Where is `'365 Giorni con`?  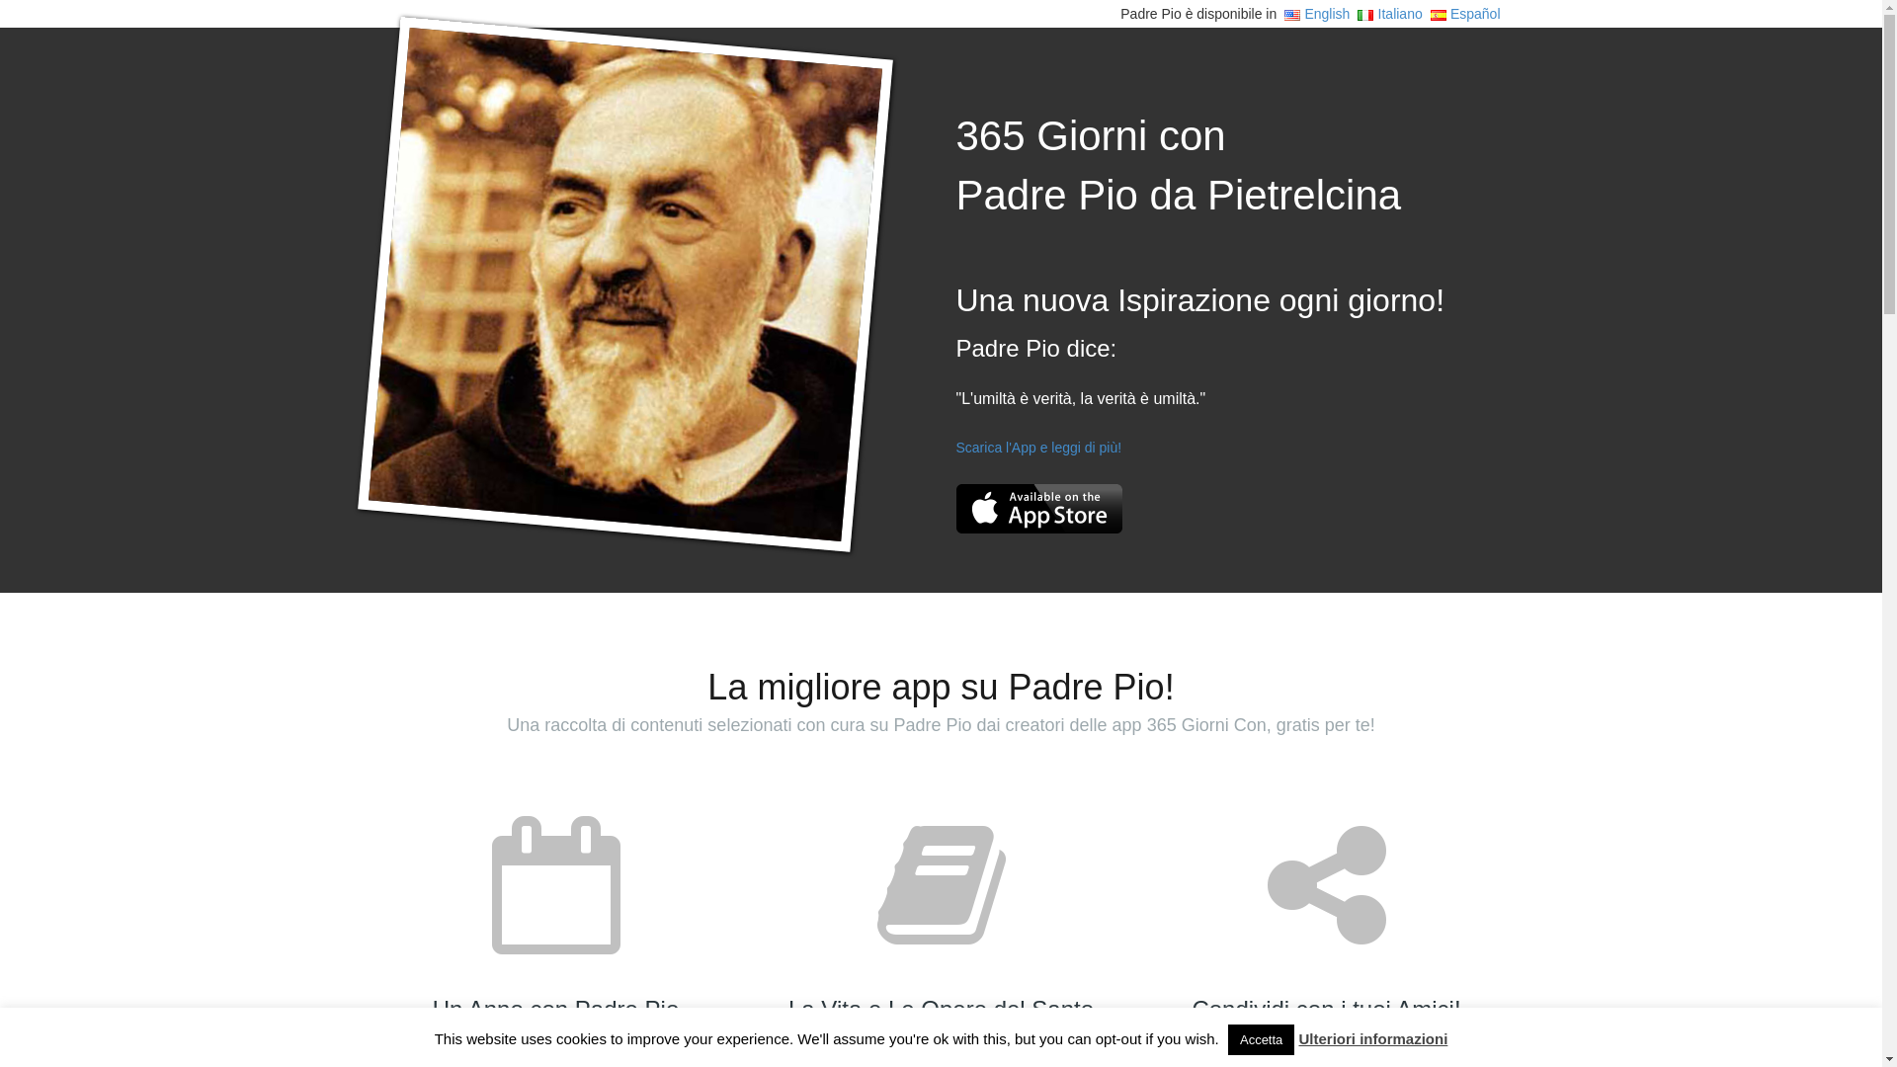
'365 Giorni con is located at coordinates (1179, 165).